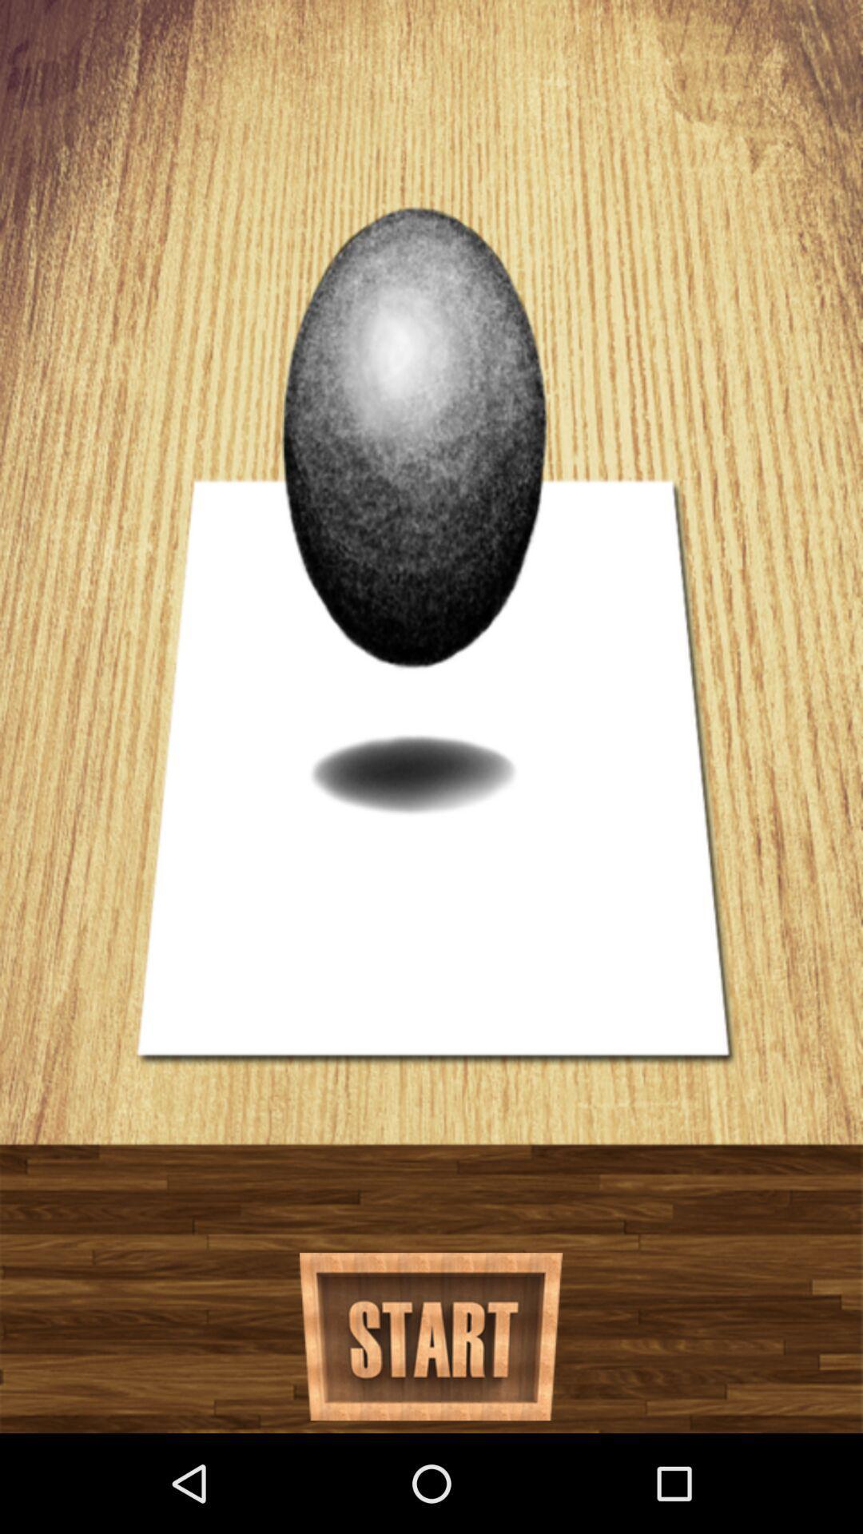  What do you see at coordinates (430, 1337) in the screenshot?
I see `start button` at bounding box center [430, 1337].